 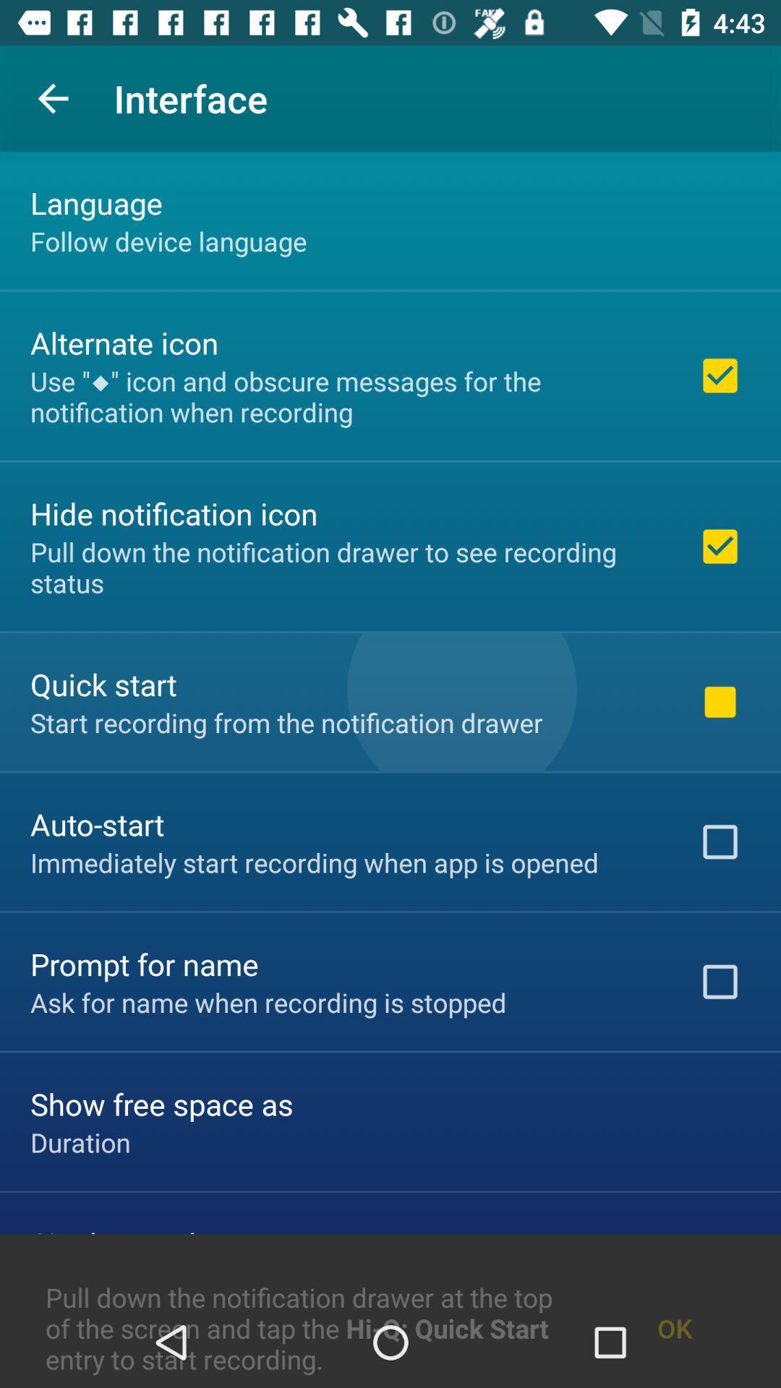 I want to click on the follow device language, so click(x=168, y=241).